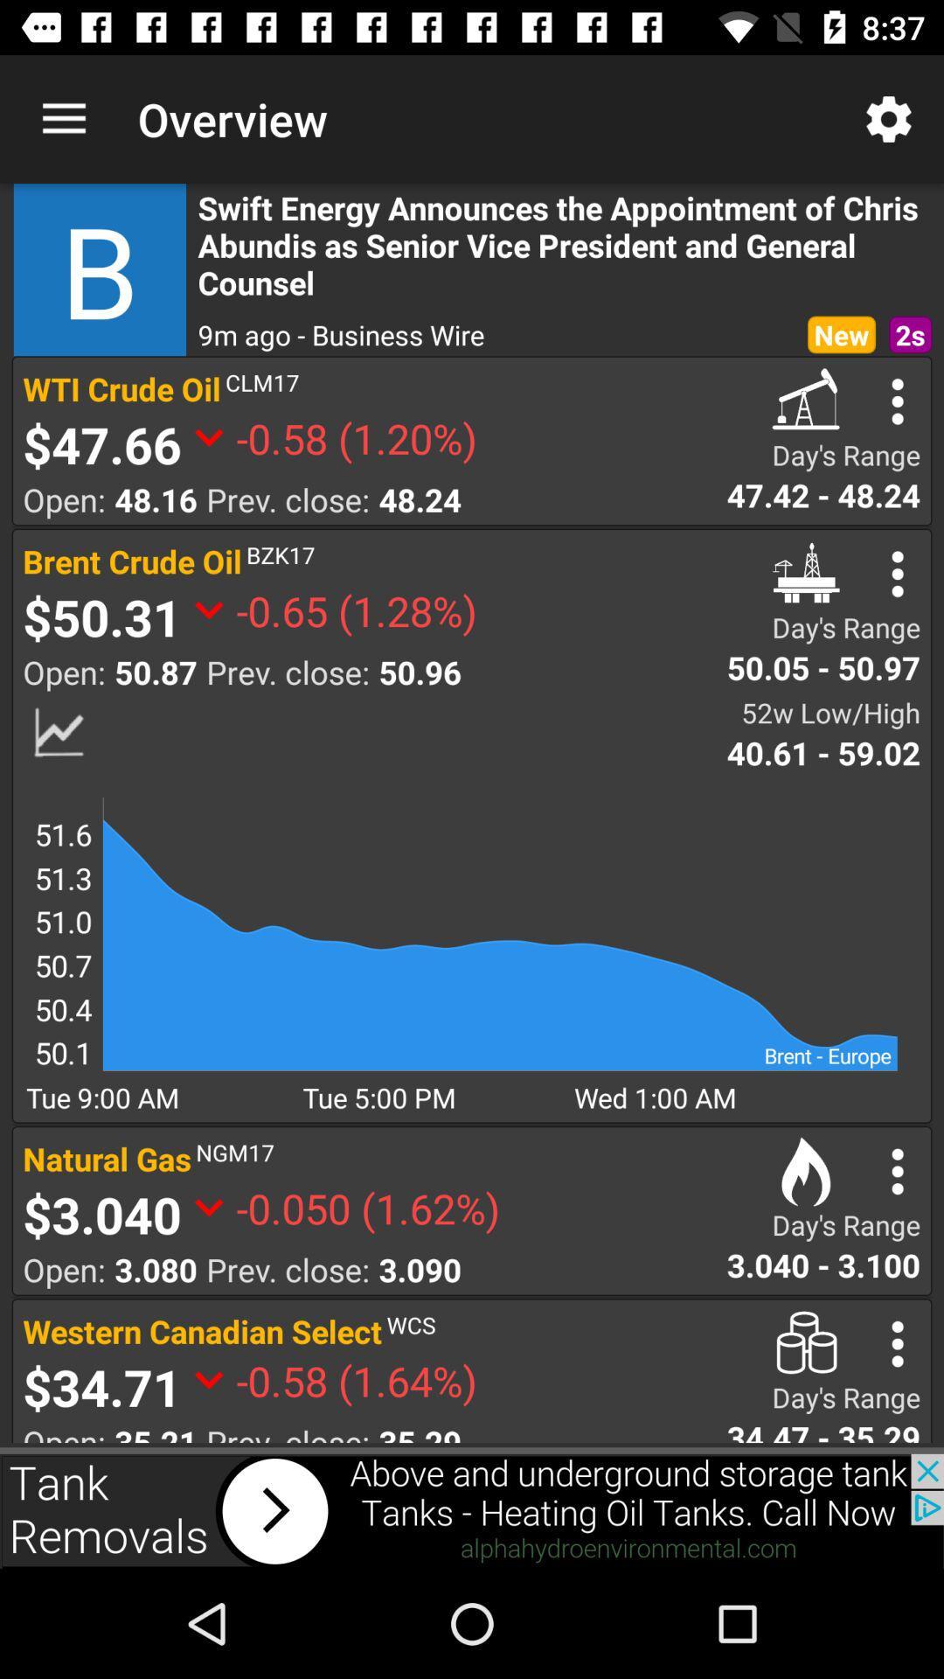 Image resolution: width=944 pixels, height=1679 pixels. Describe the element at coordinates (898, 1171) in the screenshot. I see `details` at that location.